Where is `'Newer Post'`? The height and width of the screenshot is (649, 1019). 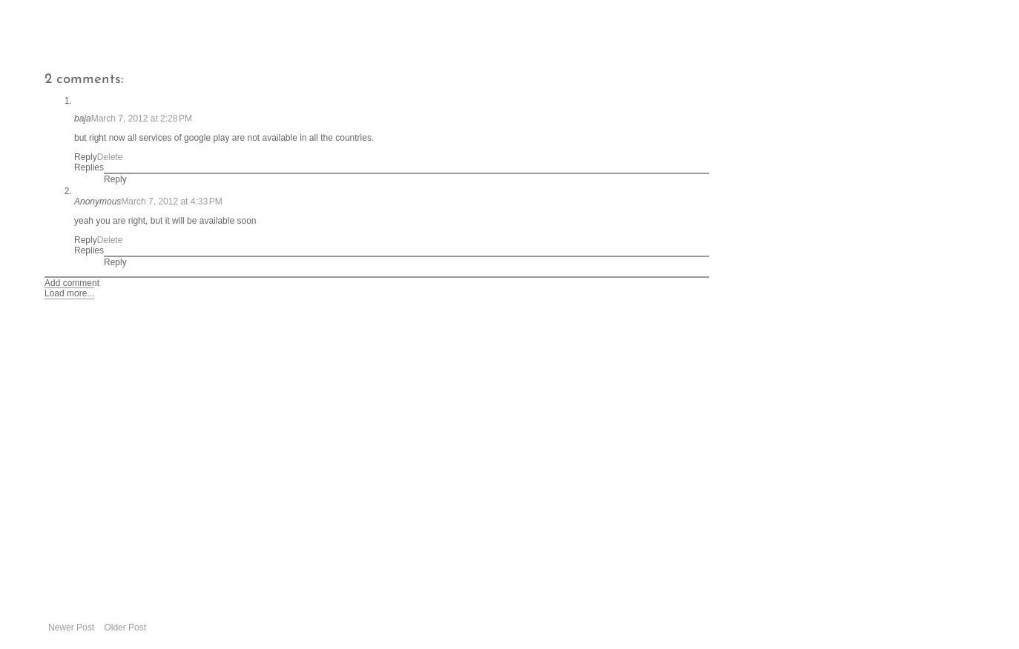 'Newer Post' is located at coordinates (47, 628).